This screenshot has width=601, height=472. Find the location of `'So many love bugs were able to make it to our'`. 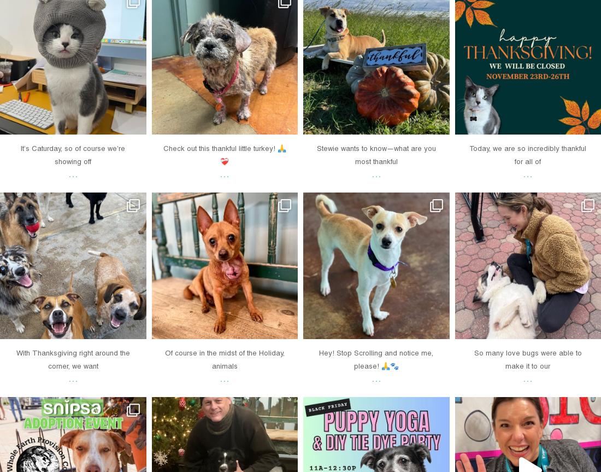

'So many love bugs were able to make it to our' is located at coordinates (527, 358).